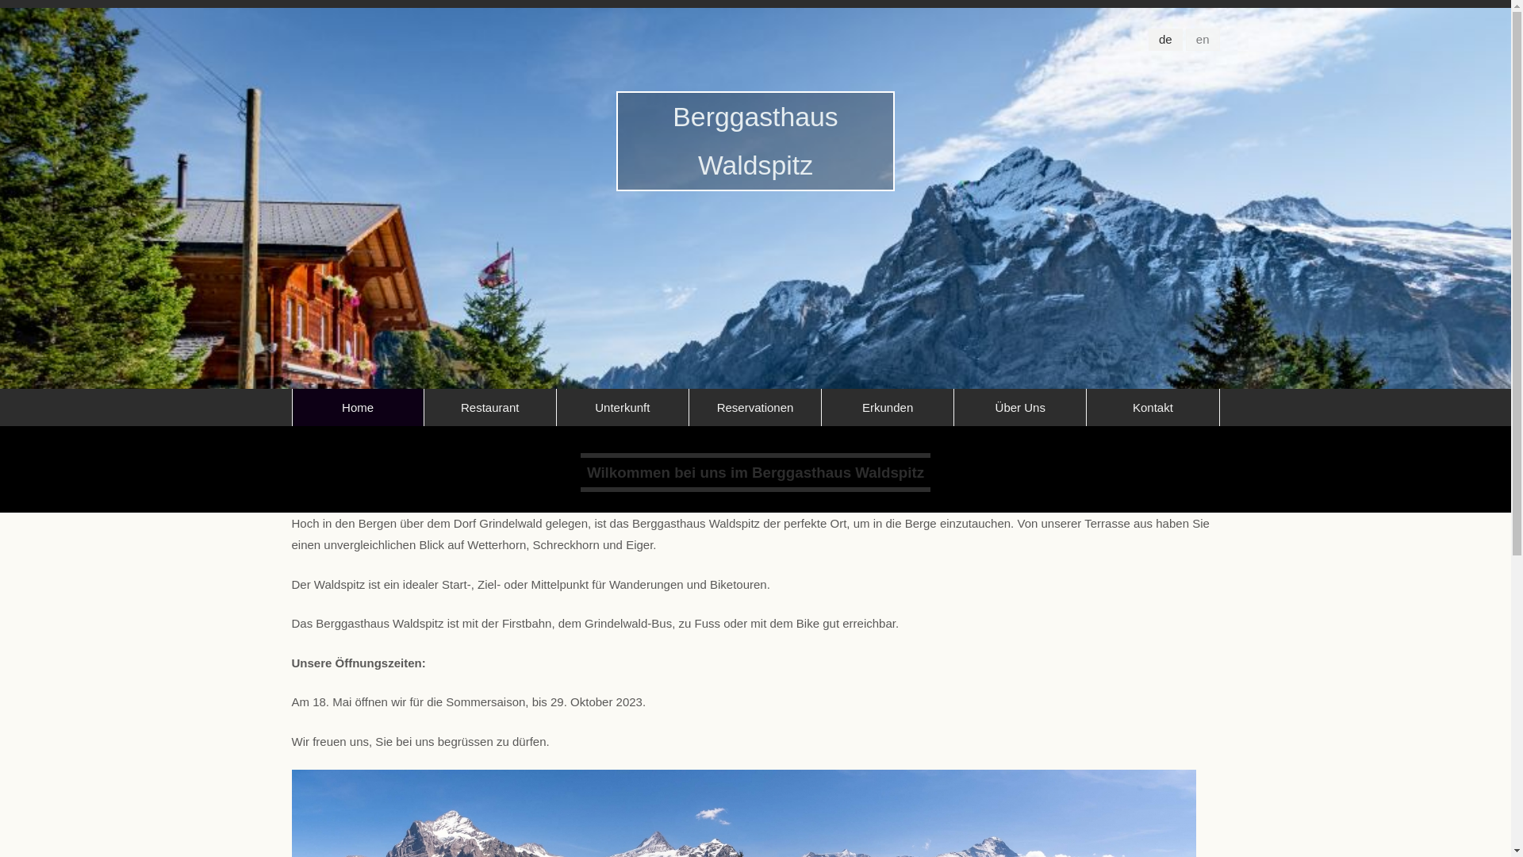 Image resolution: width=1523 pixels, height=857 pixels. Describe the element at coordinates (822, 406) in the screenshot. I see `'Erkunden'` at that location.